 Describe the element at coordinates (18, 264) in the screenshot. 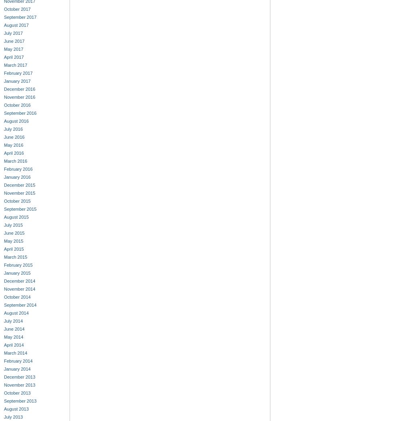

I see `'February 2015'` at that location.